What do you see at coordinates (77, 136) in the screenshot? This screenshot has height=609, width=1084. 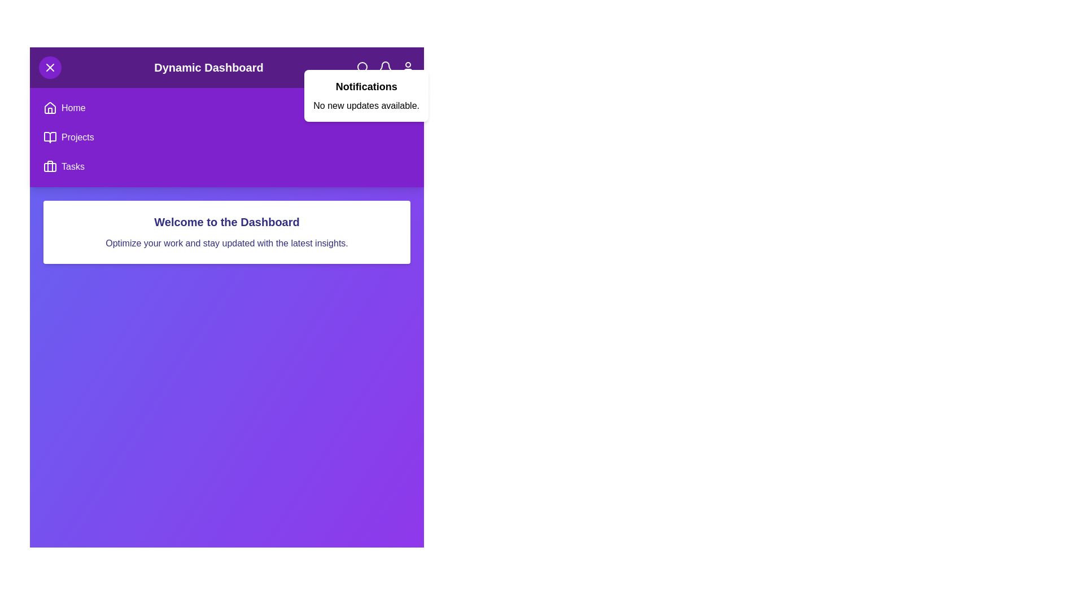 I see `the Projects link in the menu` at bounding box center [77, 136].